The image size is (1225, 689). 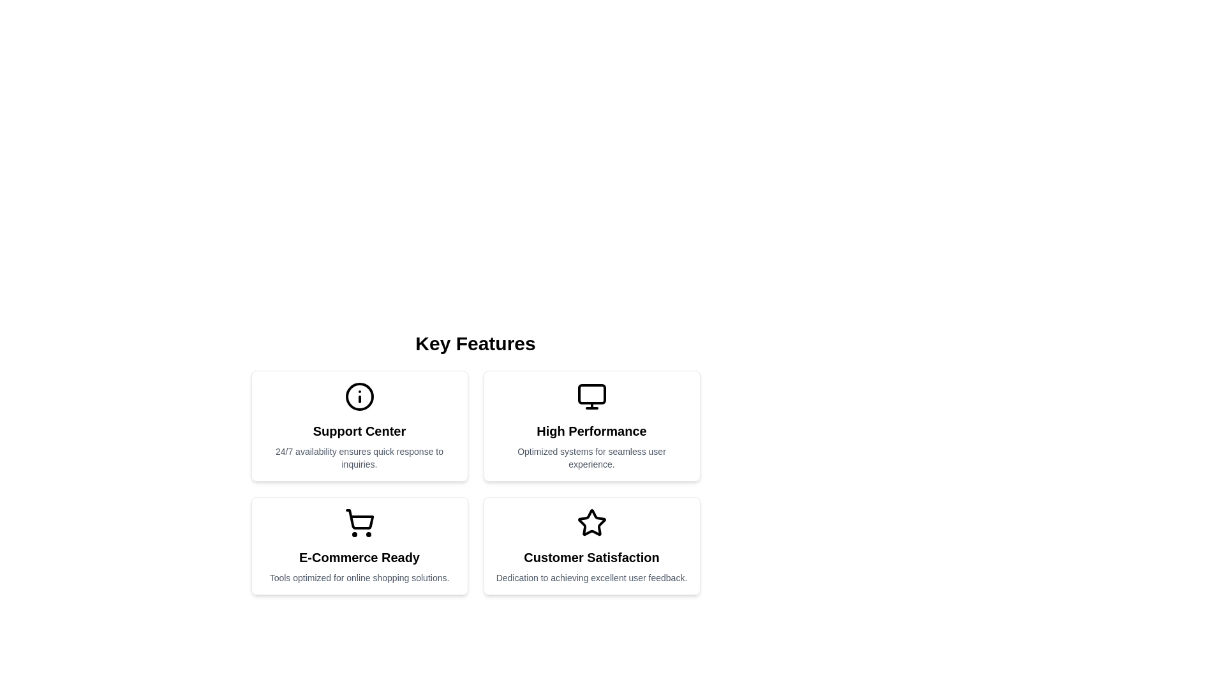 I want to click on the computer monitor icon, which is centrally positioned in the 'High Performance' section of the Key Features grid layout, so click(x=591, y=396).